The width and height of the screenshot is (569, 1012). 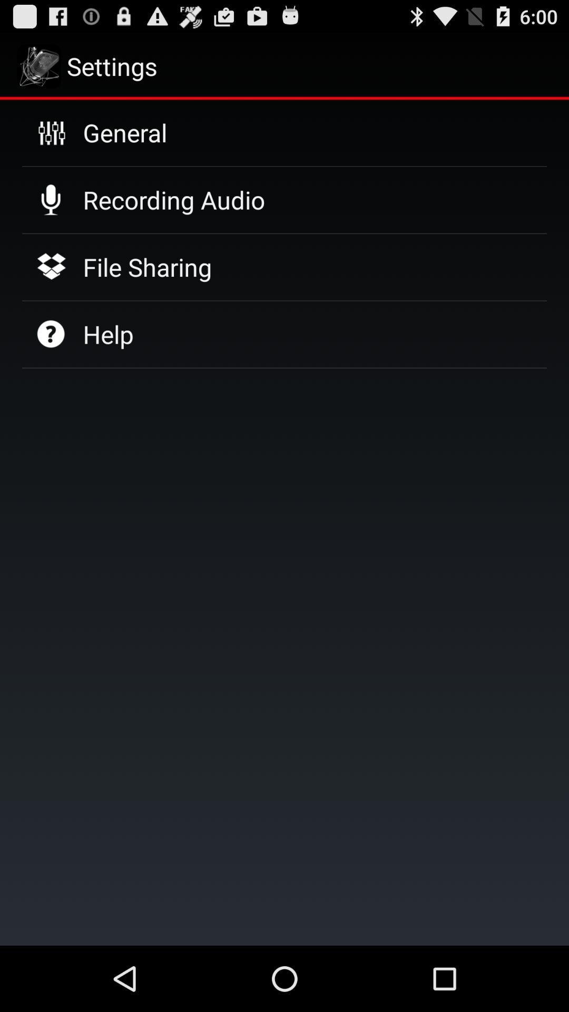 I want to click on icon above help icon, so click(x=147, y=267).